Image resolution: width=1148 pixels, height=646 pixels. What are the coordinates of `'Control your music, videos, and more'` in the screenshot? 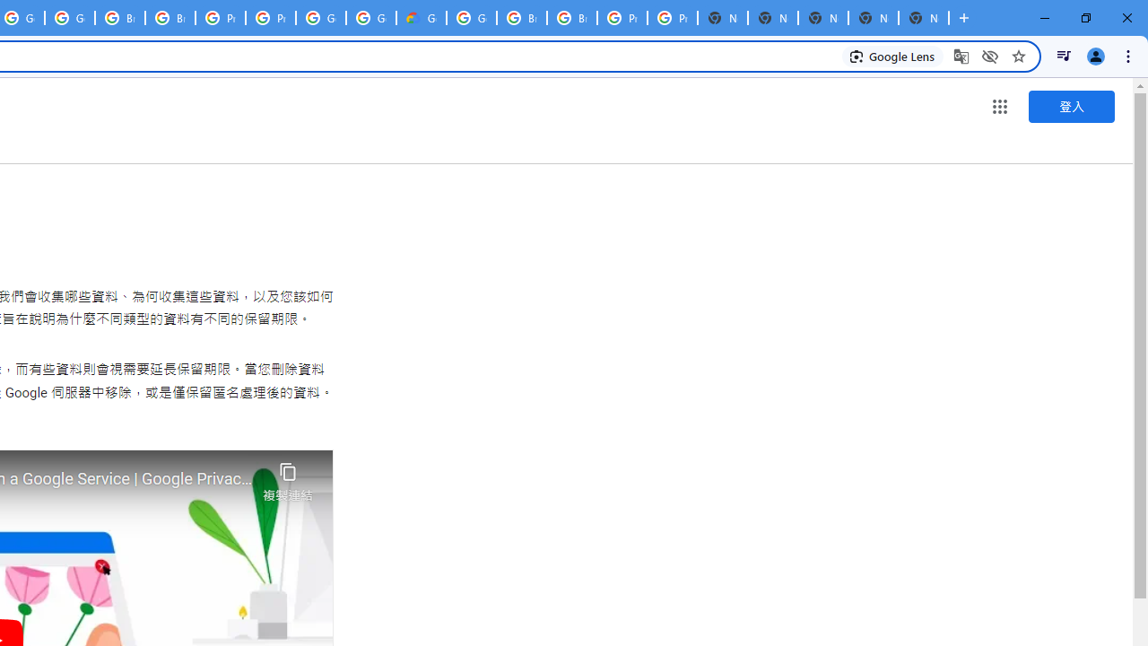 It's located at (1063, 55).